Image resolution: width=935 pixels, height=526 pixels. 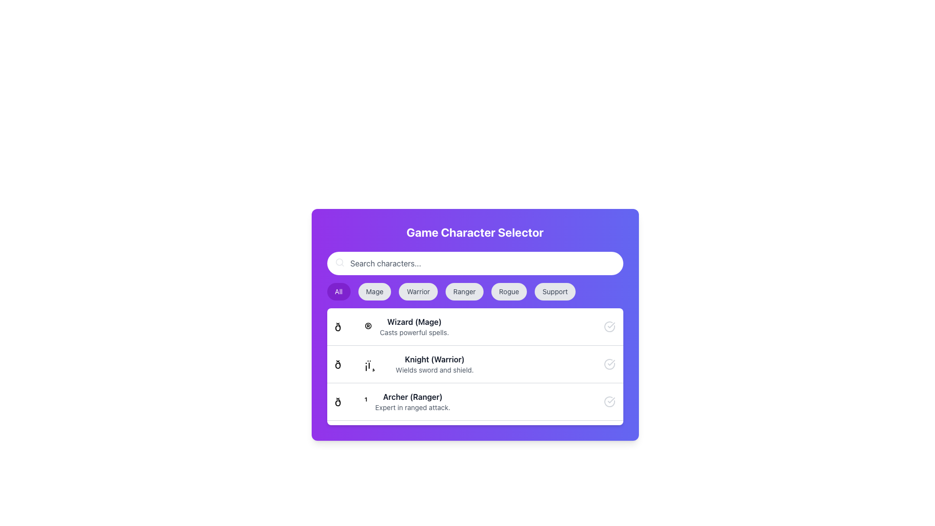 I want to click on the second text block representing a character class, which includes its title and subtitle, so click(x=434, y=364).